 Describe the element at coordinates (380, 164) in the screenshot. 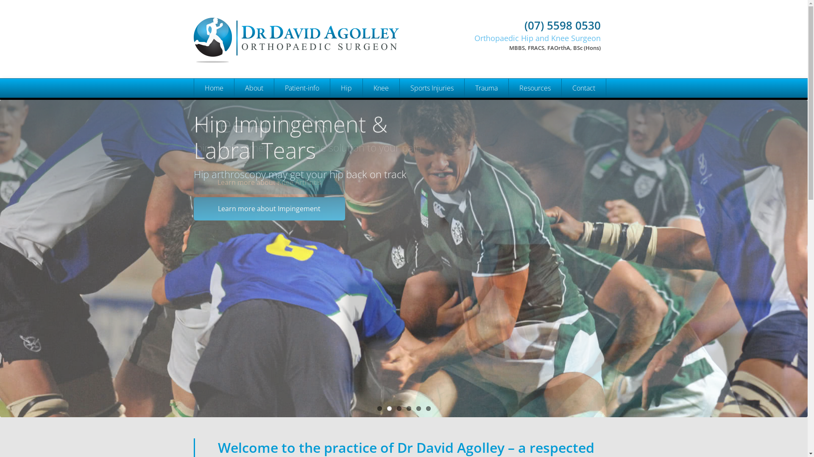

I see `'Knee ACL Reconstruction'` at that location.